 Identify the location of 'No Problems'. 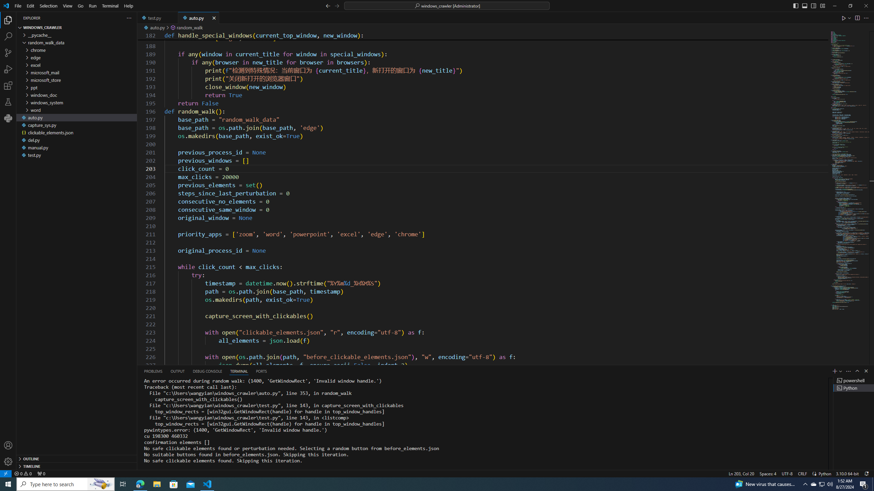
(22, 473).